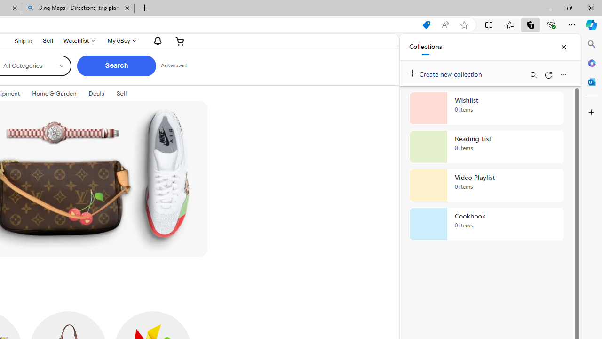  What do you see at coordinates (486, 186) in the screenshot?
I see `'Video Playlist collection, 0 items'` at bounding box center [486, 186].